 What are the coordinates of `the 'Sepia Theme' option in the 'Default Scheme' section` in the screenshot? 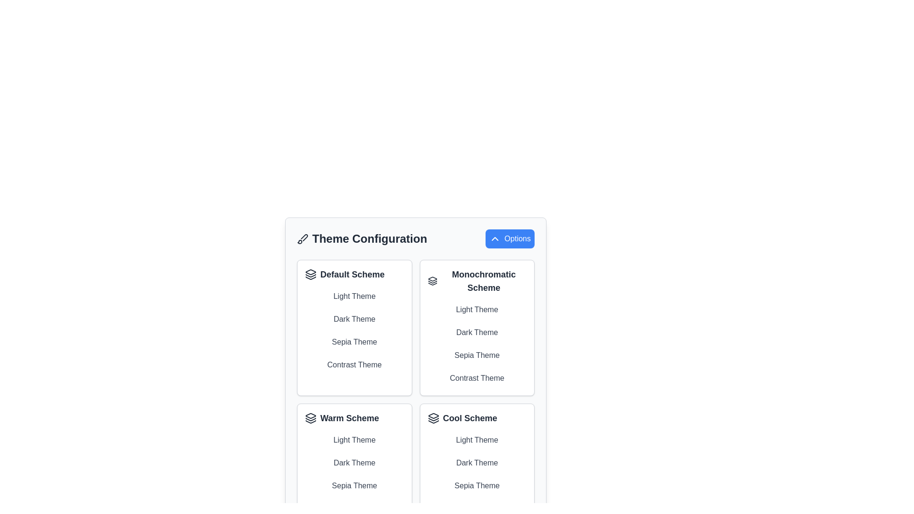 It's located at (354, 341).